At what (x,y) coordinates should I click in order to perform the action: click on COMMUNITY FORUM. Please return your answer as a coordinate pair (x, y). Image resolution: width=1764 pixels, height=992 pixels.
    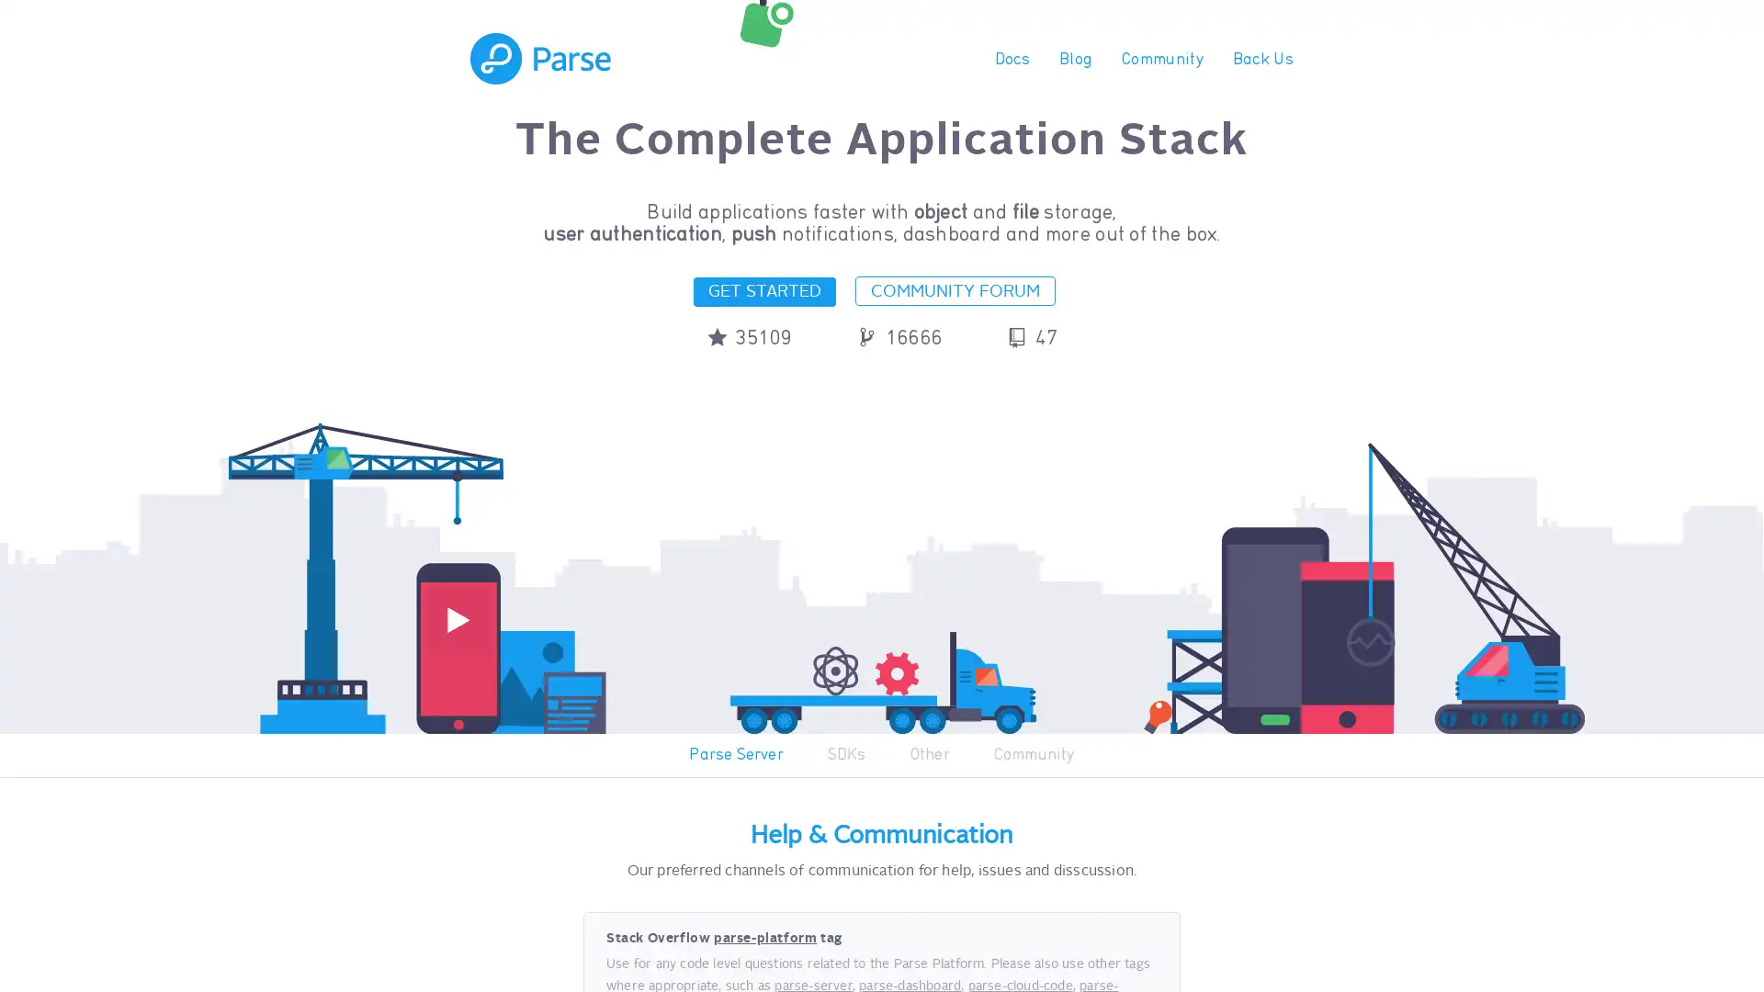
    Looking at the image, I should click on (955, 289).